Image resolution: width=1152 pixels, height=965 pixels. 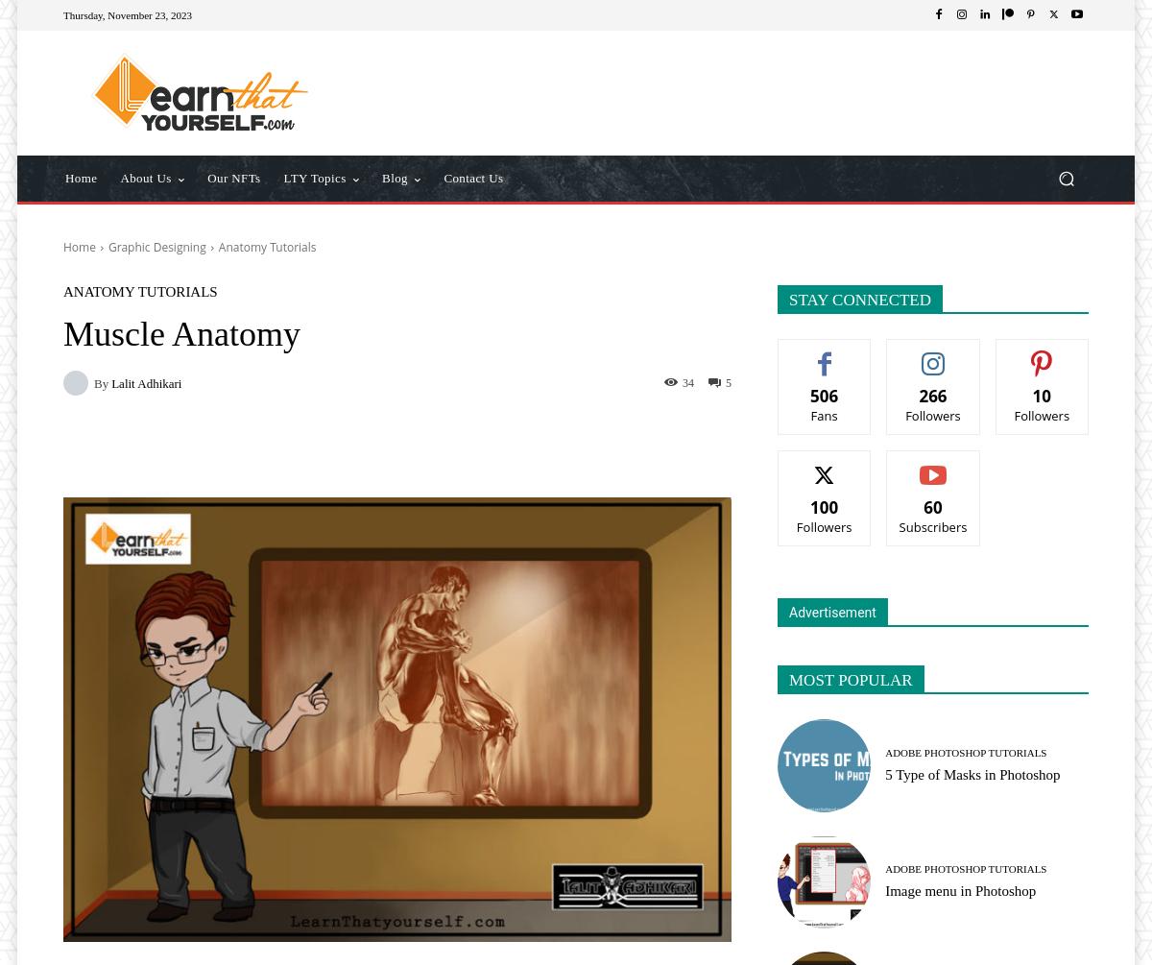 What do you see at coordinates (972, 775) in the screenshot?
I see `'5 Type of Masks in Photoshop'` at bounding box center [972, 775].